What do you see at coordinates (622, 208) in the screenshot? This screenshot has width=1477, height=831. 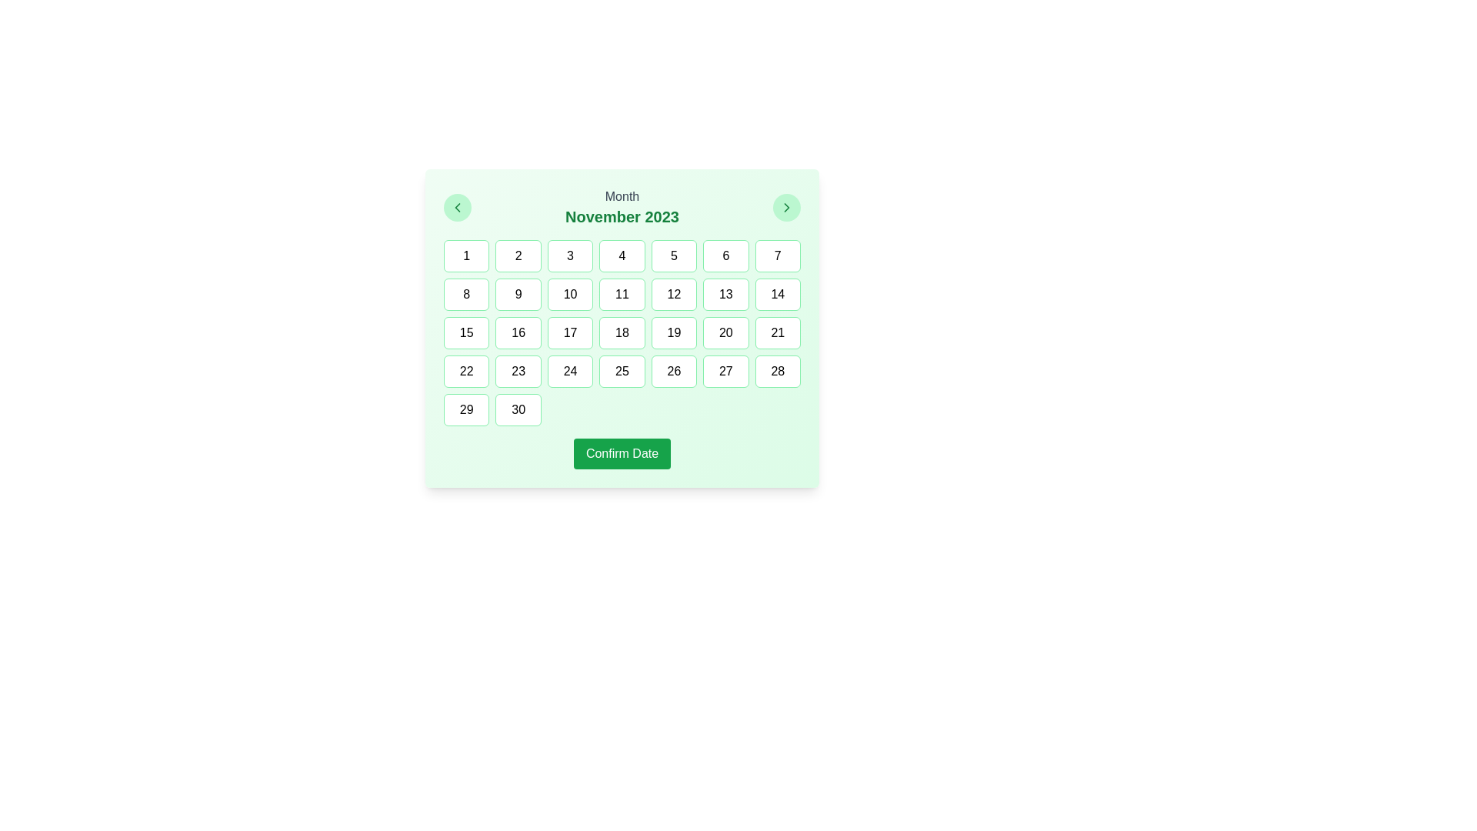 I see `the static text display showing 'November 2023', which is centrally aligned and positioned at the top-center of the calendar component, between the left and right arrow buttons` at bounding box center [622, 208].